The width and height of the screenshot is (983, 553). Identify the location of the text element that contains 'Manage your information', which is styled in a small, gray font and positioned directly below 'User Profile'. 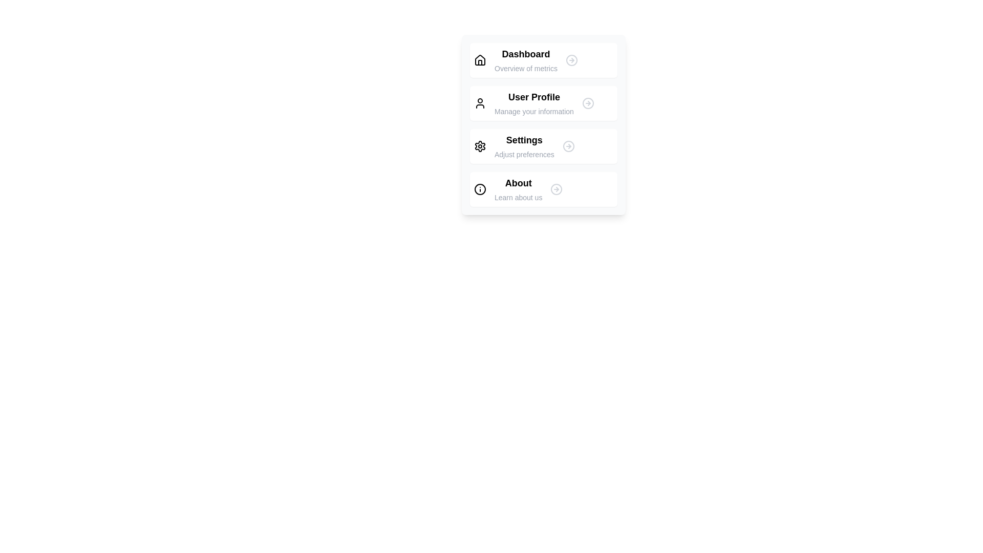
(533, 112).